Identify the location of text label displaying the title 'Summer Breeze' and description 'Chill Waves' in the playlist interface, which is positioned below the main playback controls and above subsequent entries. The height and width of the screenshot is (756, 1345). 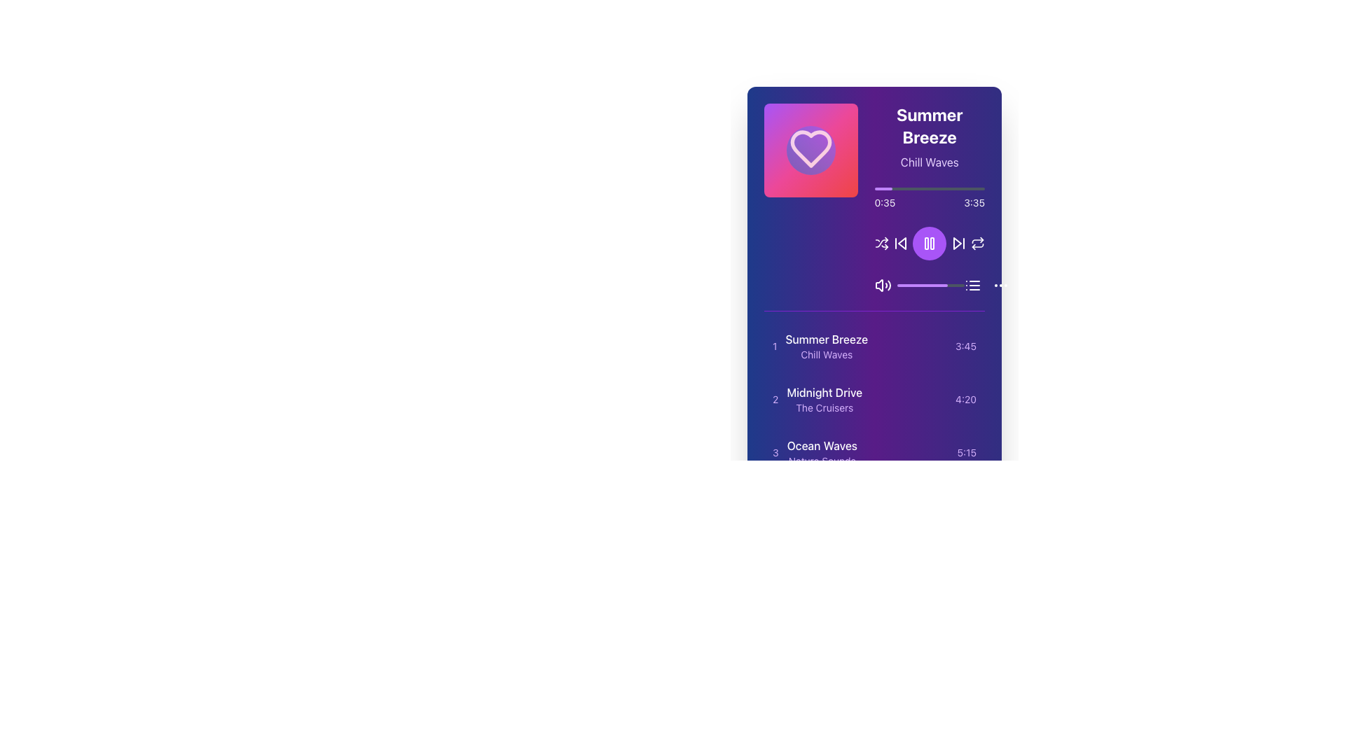
(827, 346).